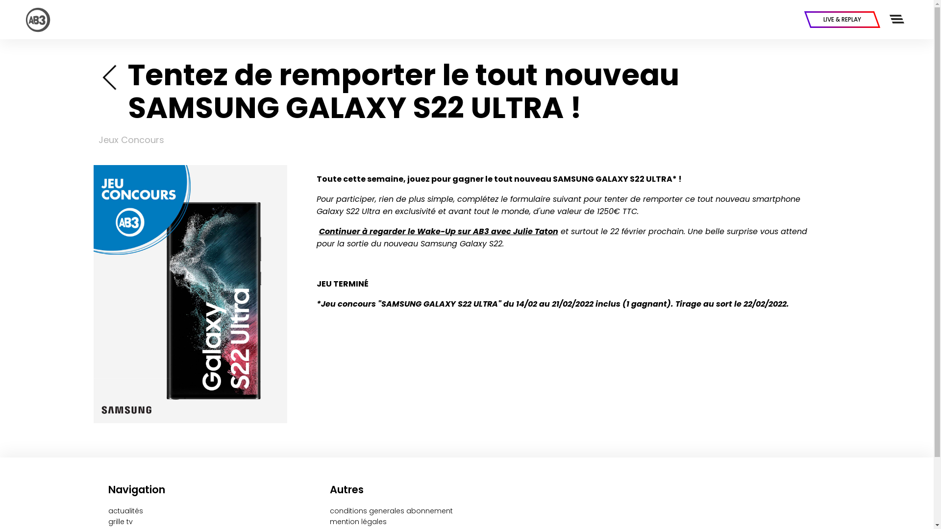 This screenshot has height=529, width=941. Describe the element at coordinates (842, 19) in the screenshot. I see `'LIVE & REPLAY'` at that location.